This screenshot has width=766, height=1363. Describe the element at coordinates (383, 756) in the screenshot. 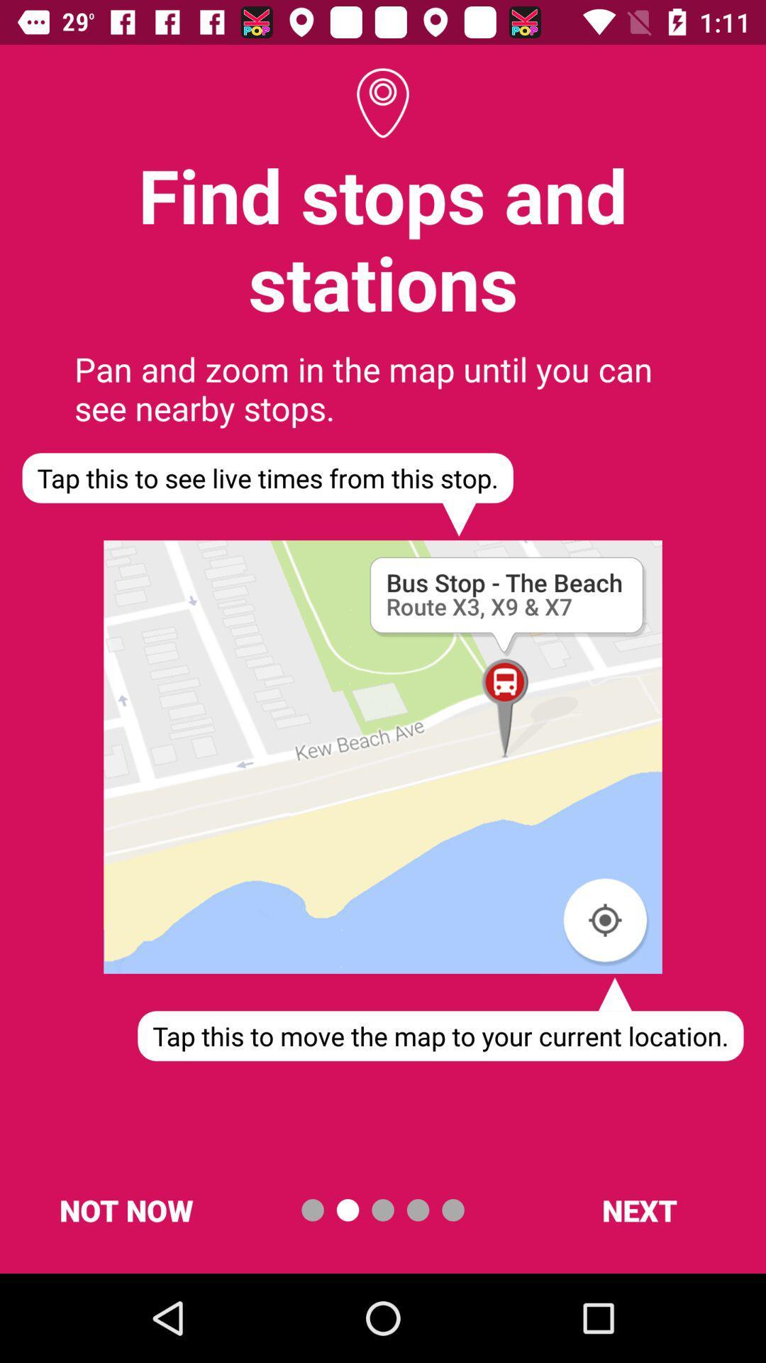

I see `the image` at that location.